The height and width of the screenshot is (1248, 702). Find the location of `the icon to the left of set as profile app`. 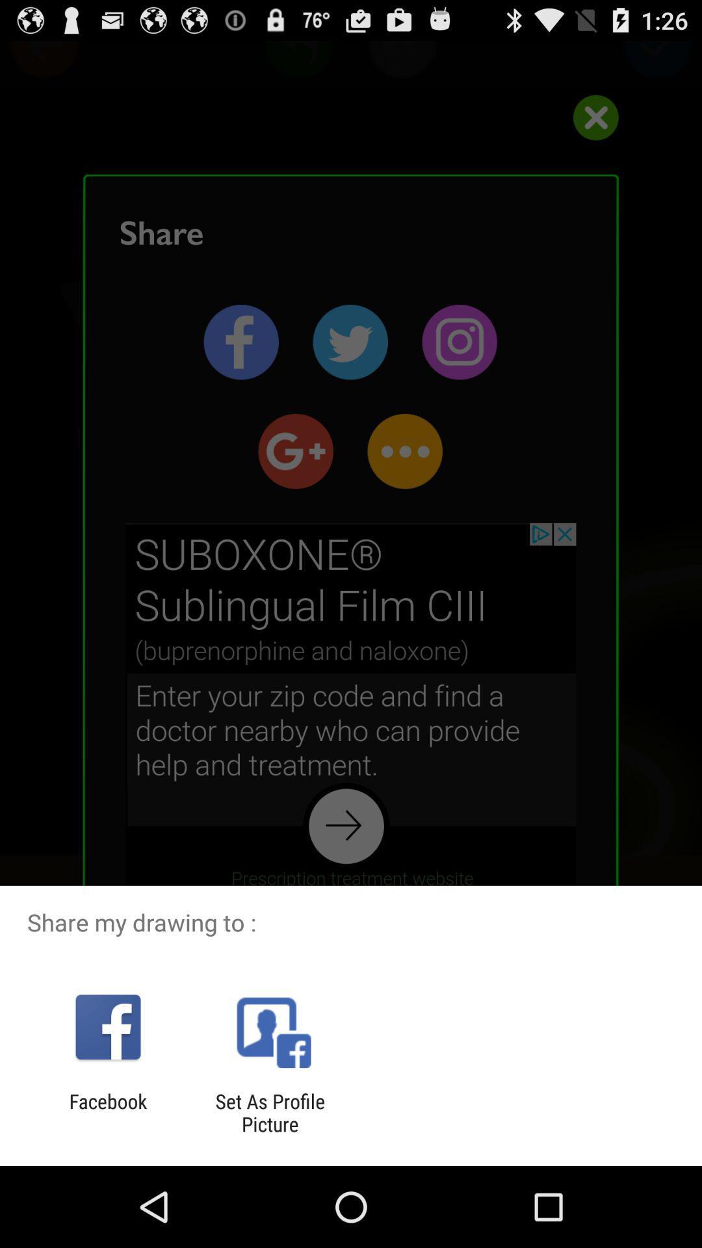

the icon to the left of set as profile app is located at coordinates (107, 1112).